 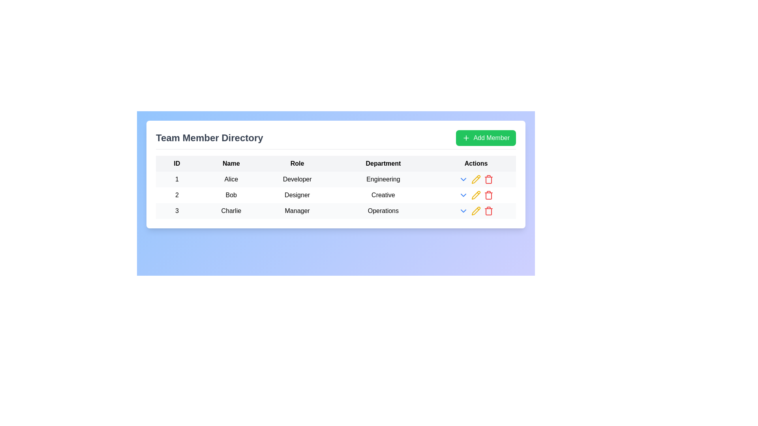 What do you see at coordinates (297, 195) in the screenshot?
I see `the text label displaying 'Designer' in the 'Role' column of the 'Team Member Directory' table` at bounding box center [297, 195].